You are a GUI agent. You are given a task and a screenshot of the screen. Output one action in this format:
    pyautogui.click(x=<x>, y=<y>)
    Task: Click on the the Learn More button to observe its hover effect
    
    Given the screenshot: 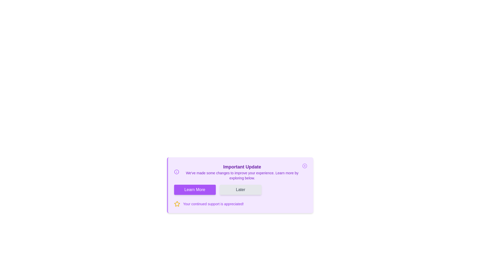 What is the action you would take?
    pyautogui.click(x=194, y=190)
    